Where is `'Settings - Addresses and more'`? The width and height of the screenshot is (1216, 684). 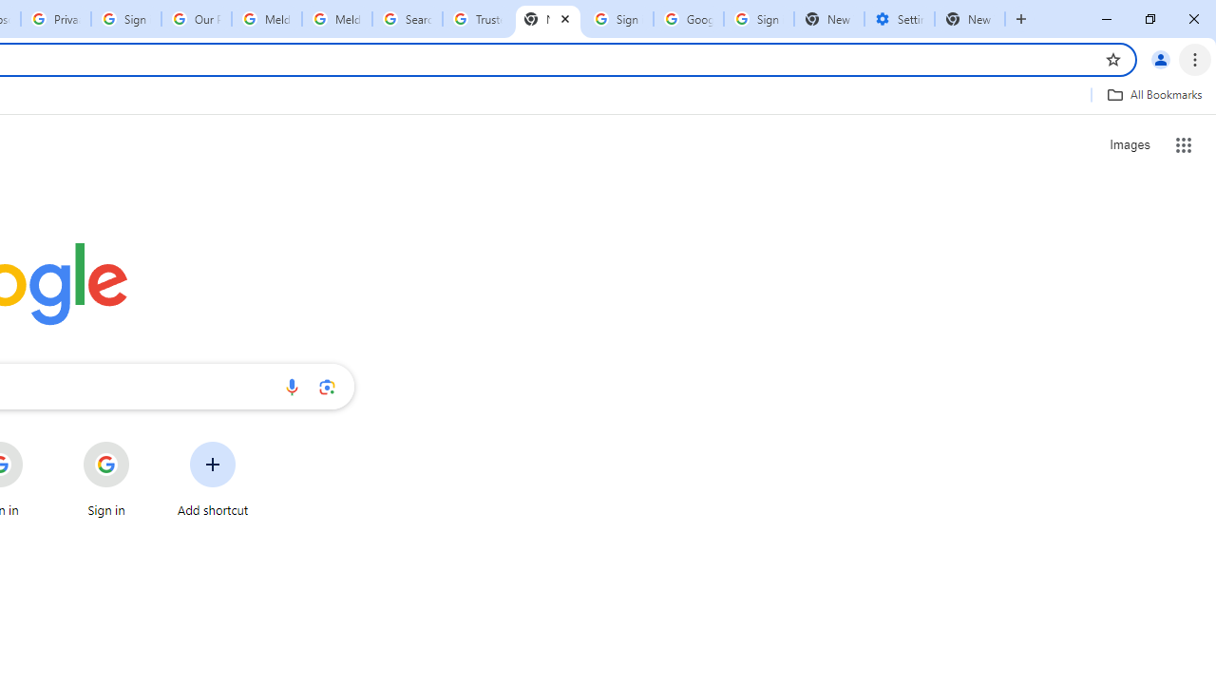
'Settings - Addresses and more' is located at coordinates (899, 19).